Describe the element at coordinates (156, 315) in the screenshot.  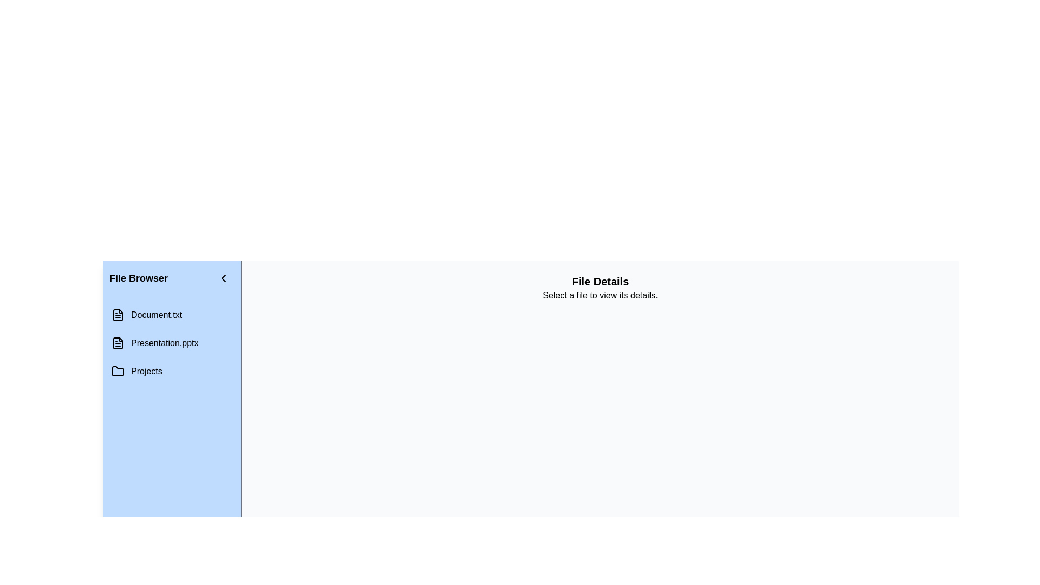
I see `the text label displaying 'Document.txt' in the file browser` at that location.